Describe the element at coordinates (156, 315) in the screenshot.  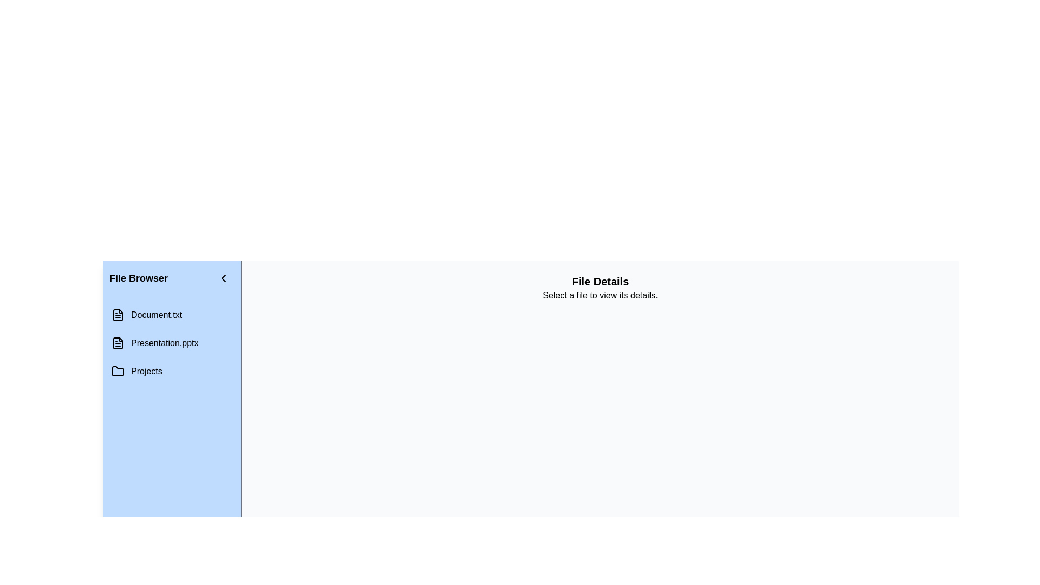
I see `the text label displaying 'Document.txt' in the file browser` at that location.